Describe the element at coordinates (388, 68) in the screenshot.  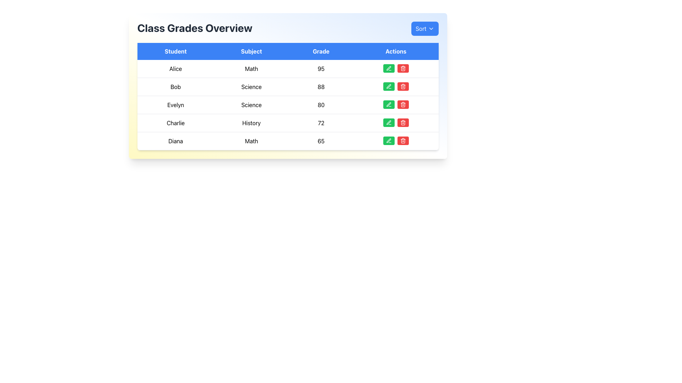
I see `the pen icon in the 'Actions' column for the student 'Alice'` at that location.